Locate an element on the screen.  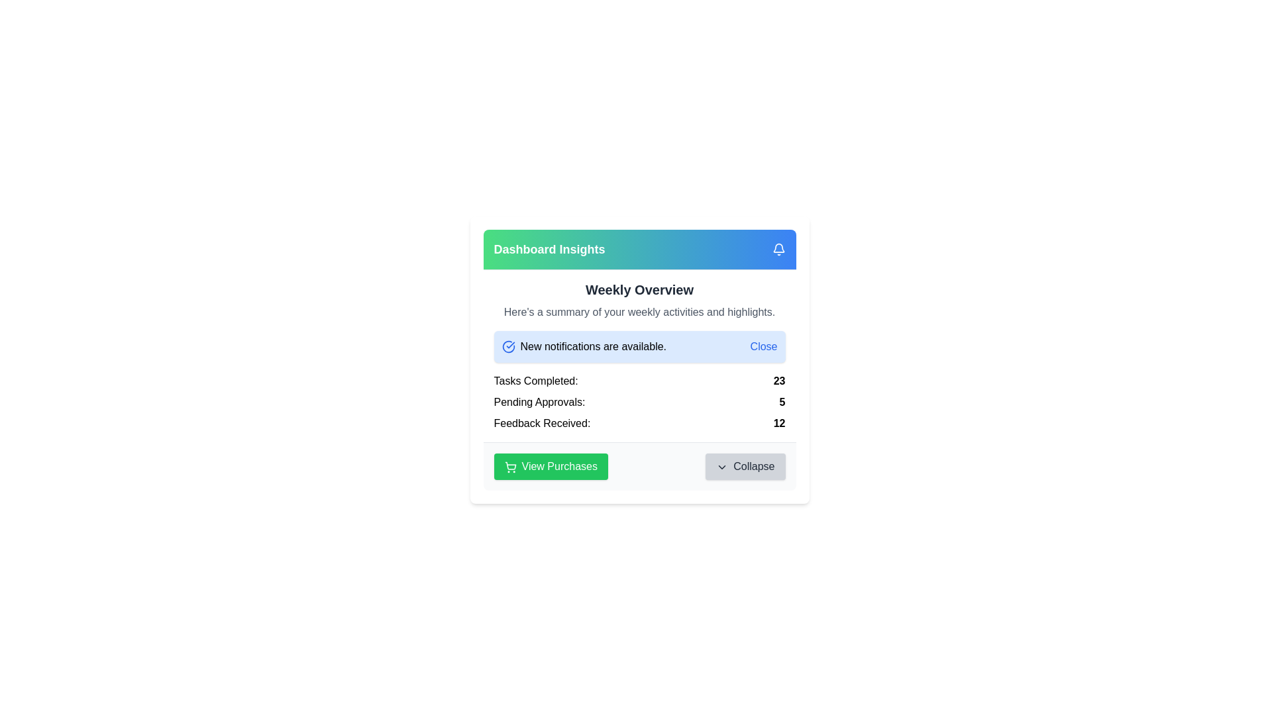
the button located in the lower section of a card-like interface, positioned to the left of the 'Collapse' button is located at coordinates (551, 466).